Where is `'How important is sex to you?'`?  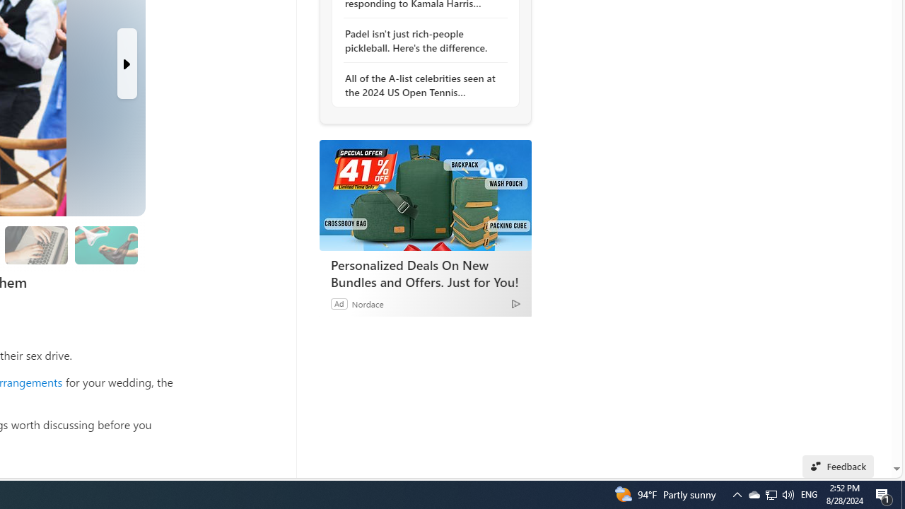
'How important is sex to you?' is located at coordinates (105, 244).